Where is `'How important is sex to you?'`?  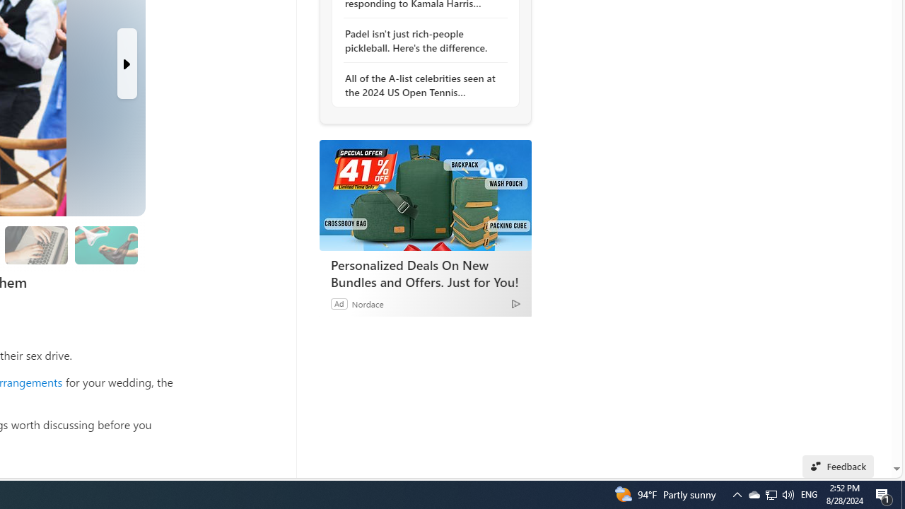
'How important is sex to you?' is located at coordinates (105, 244).